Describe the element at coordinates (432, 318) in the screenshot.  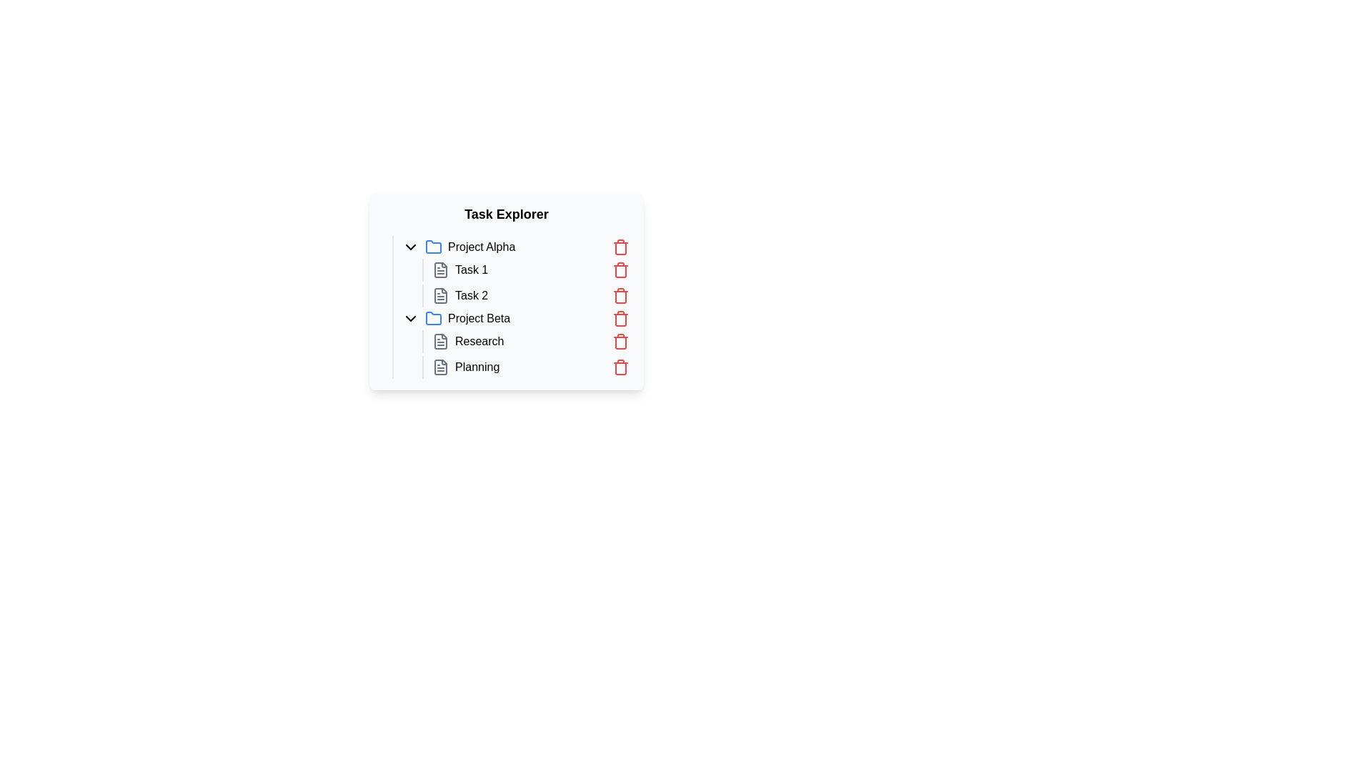
I see `the blue folder icon next to the text 'Project Beta' to trigger a tooltip` at that location.